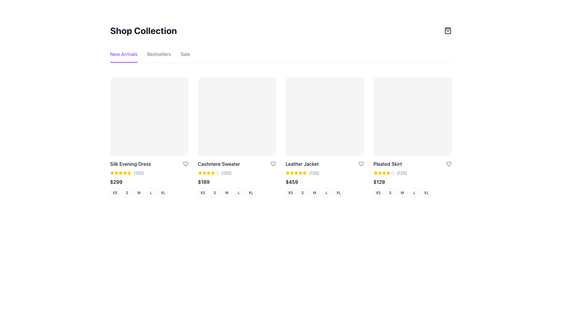 Image resolution: width=578 pixels, height=325 pixels. Describe the element at coordinates (384, 173) in the screenshot. I see `the rating represented by the yellow star icon, located below the product image and above the product price for 'Pleated Skirt'` at that location.